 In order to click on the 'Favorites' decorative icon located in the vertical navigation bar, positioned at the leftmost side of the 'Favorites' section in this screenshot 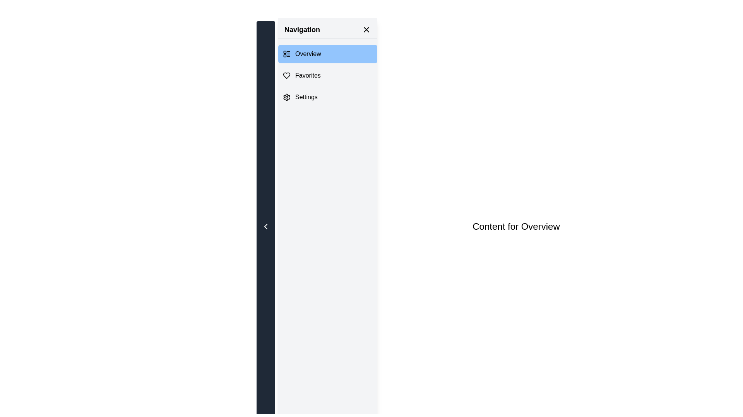, I will do `click(286, 76)`.